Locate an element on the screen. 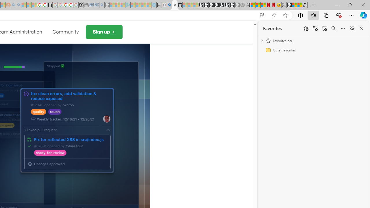  'google_privacy_policy_zh-CN.pdf' is located at coordinates (50, 5).